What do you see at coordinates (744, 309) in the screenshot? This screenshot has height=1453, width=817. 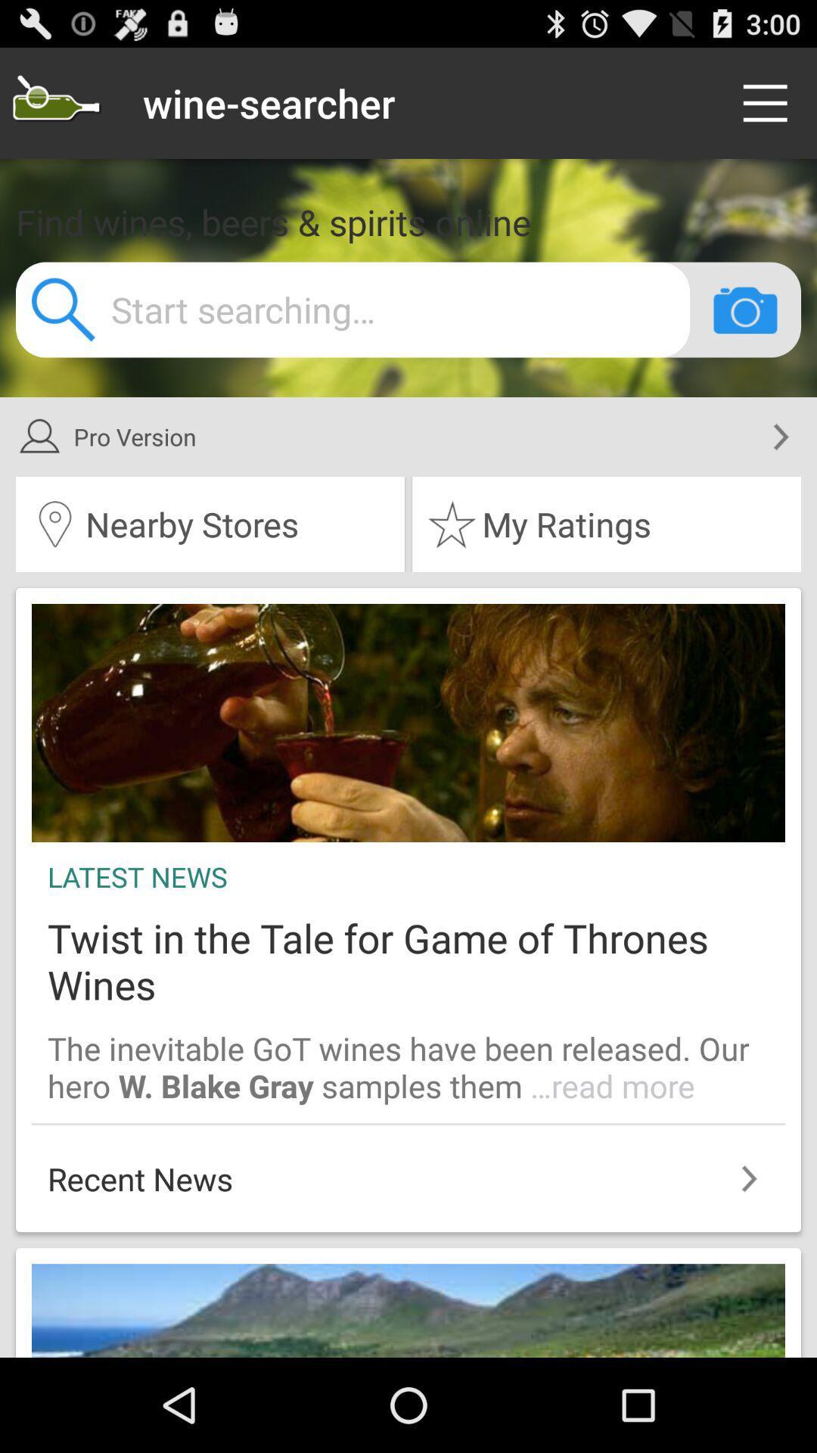 I see `search by image` at bounding box center [744, 309].